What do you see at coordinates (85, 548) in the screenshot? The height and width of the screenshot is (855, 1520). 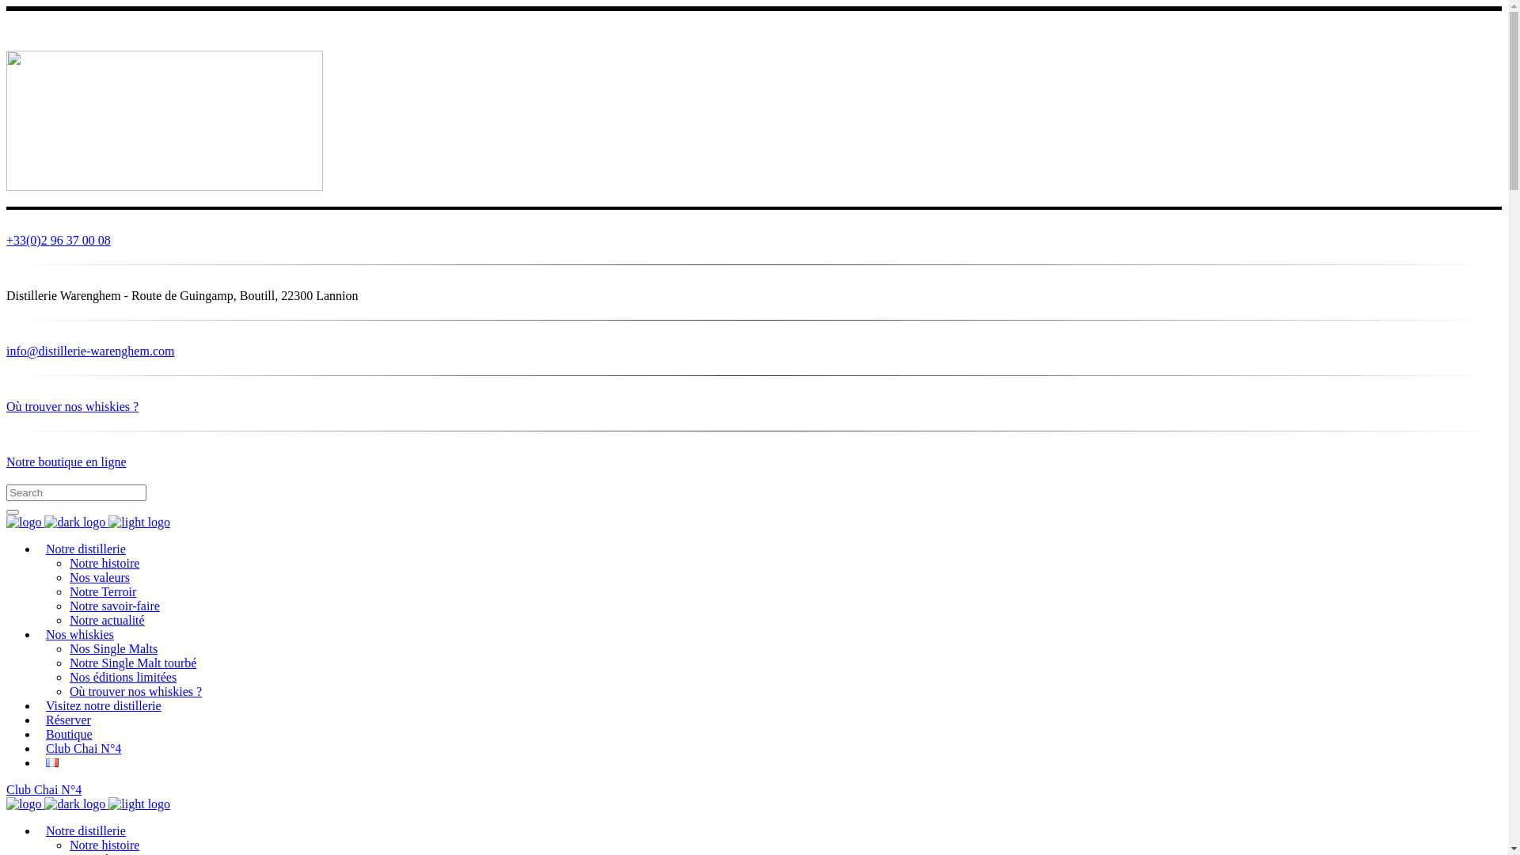 I see `'Notre distillerie'` at bounding box center [85, 548].